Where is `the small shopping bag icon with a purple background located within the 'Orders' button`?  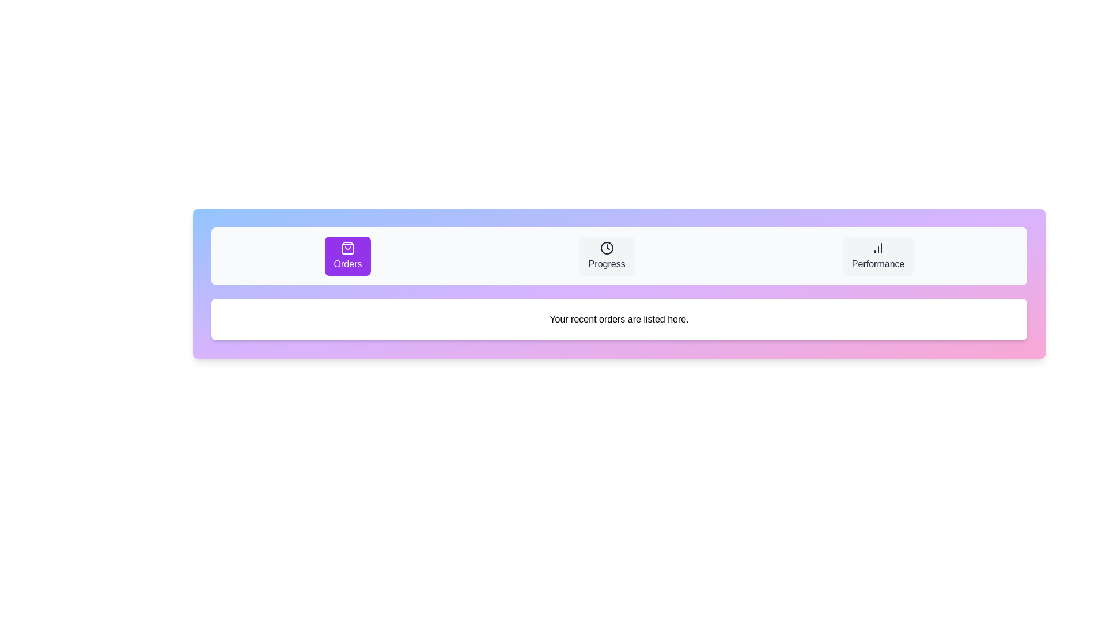
the small shopping bag icon with a purple background located within the 'Orders' button is located at coordinates (347, 248).